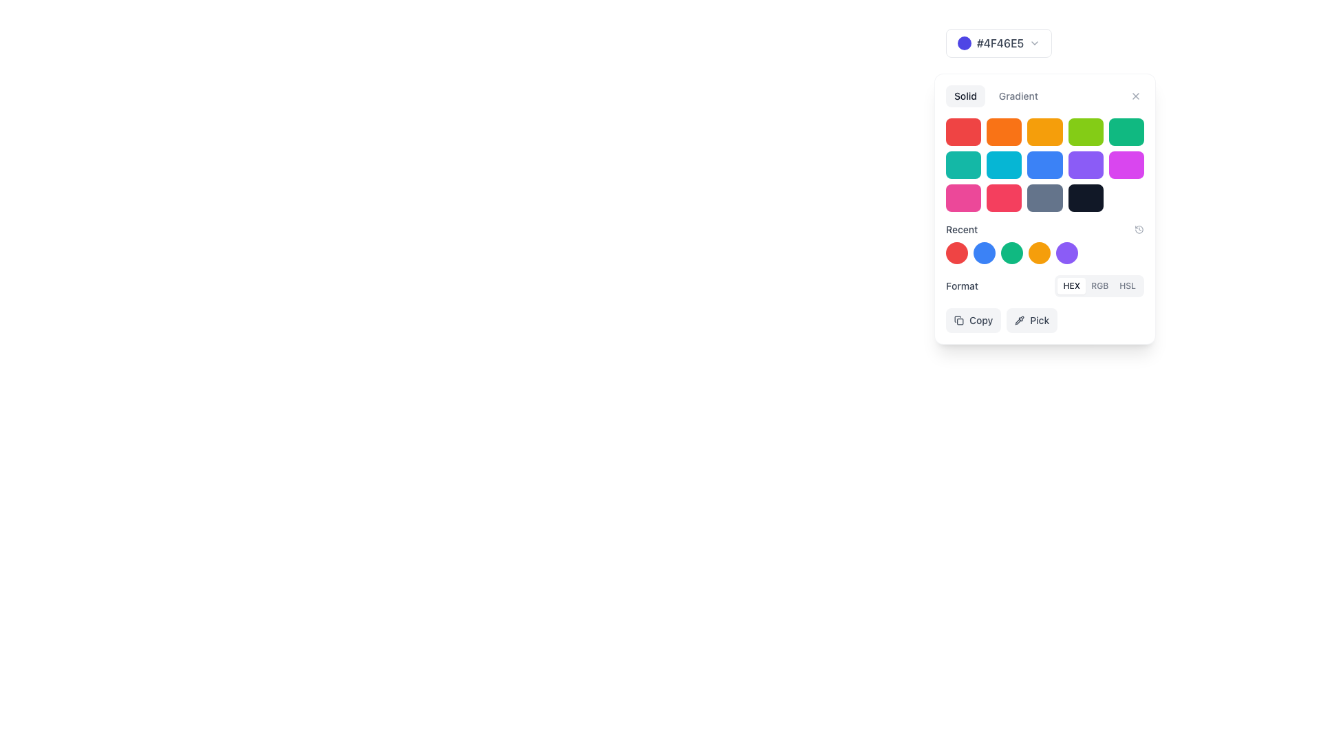 The height and width of the screenshot is (743, 1321). What do you see at coordinates (1126, 198) in the screenshot?
I see `the button located in the fifth column of the third row, which has a white background and rounded corners` at bounding box center [1126, 198].